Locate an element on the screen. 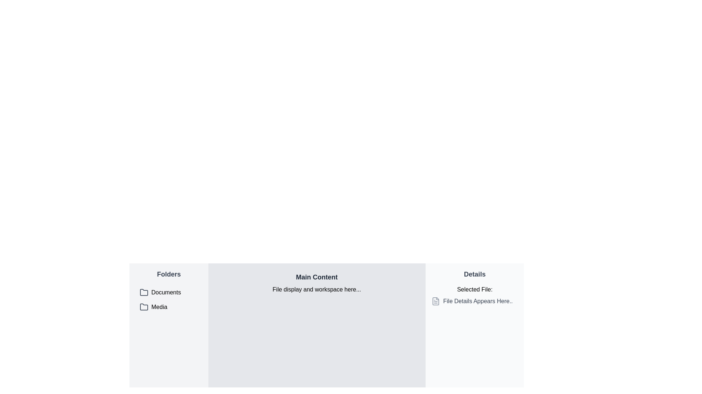 Image resolution: width=702 pixels, height=394 pixels. the static text label that serves as a header for file selection details, located in the top section of the 'Details' panel on the right is located at coordinates (475, 289).